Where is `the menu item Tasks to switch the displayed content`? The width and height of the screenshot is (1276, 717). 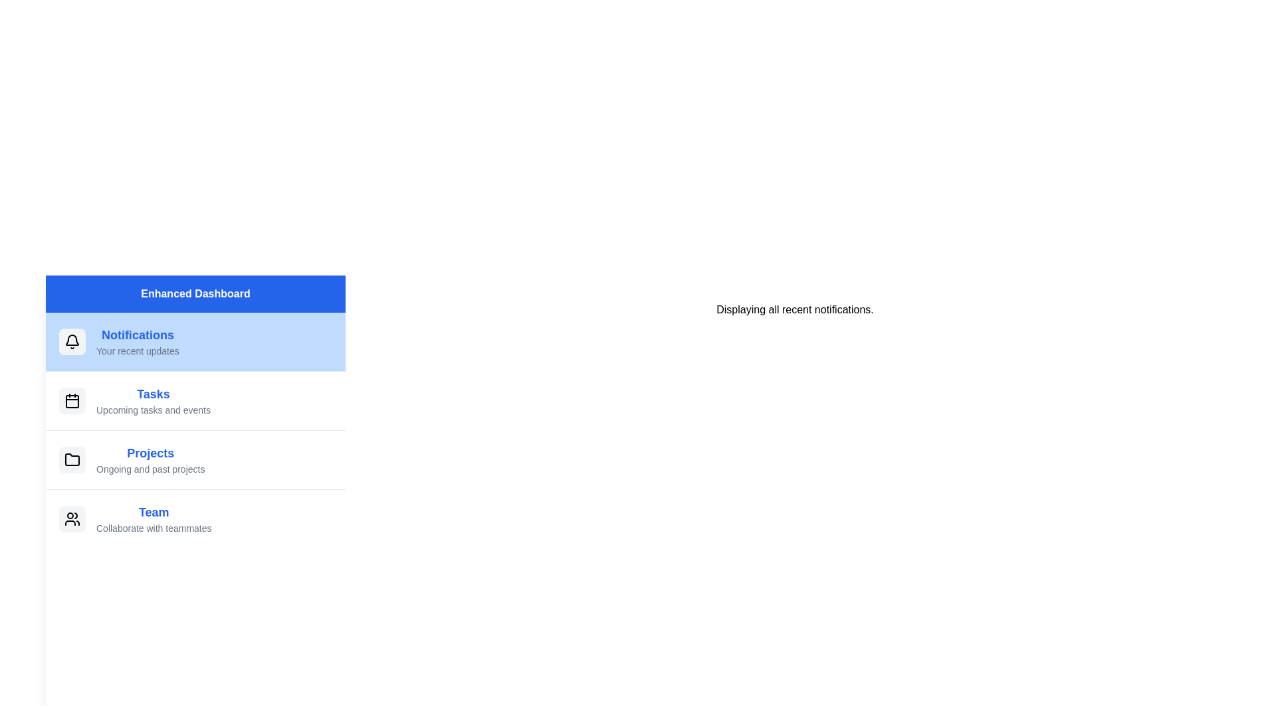 the menu item Tasks to switch the displayed content is located at coordinates (195, 400).